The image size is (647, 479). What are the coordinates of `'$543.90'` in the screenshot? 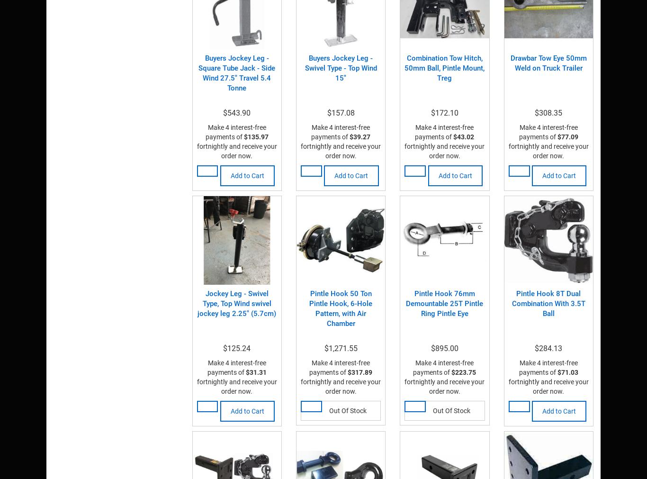 It's located at (223, 112).